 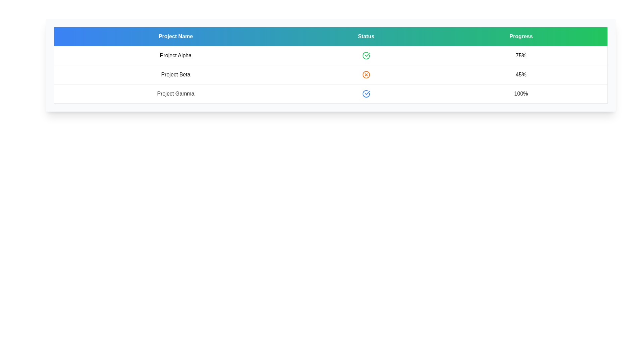 What do you see at coordinates (175, 75) in the screenshot?
I see `the row corresponding to the project Project Beta` at bounding box center [175, 75].